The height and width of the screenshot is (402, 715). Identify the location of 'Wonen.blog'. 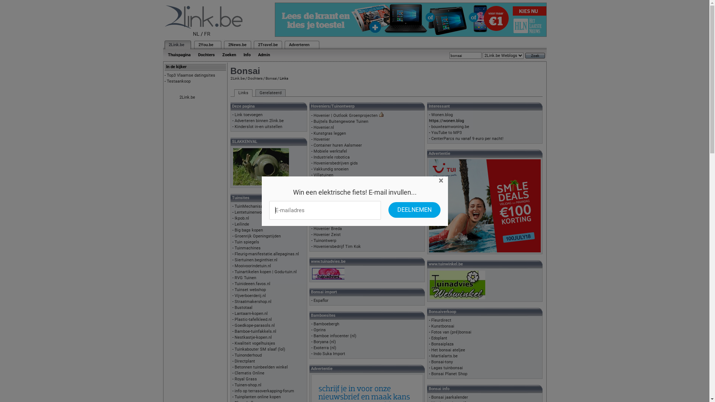
(442, 115).